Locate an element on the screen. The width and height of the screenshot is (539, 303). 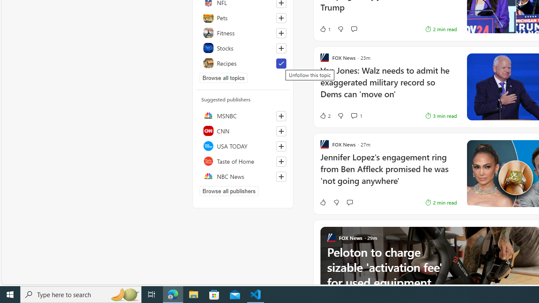
'USA TODAY' is located at coordinates (243, 146).